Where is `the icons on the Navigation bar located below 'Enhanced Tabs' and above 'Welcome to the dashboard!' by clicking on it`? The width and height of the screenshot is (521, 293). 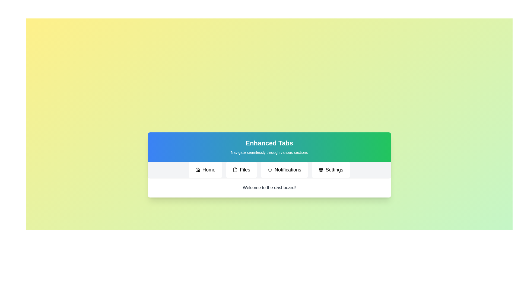 the icons on the Navigation bar located below 'Enhanced Tabs' and above 'Welcome to the dashboard!' by clicking on it is located at coordinates (269, 169).